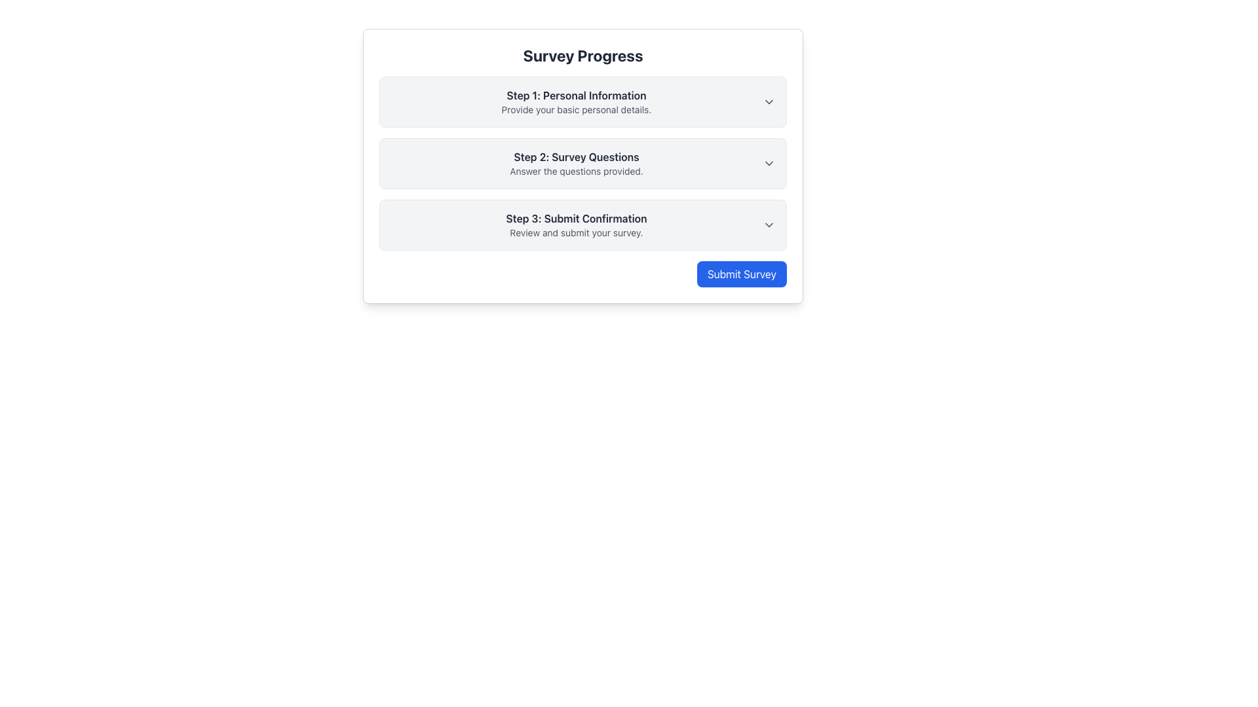  I want to click on the text label indicating the third step in the survey process, which is positioned below 'Step 1: Personal Information' and 'Step 2: Survey Questions' under the 'Survey Progress' header, so click(576, 224).